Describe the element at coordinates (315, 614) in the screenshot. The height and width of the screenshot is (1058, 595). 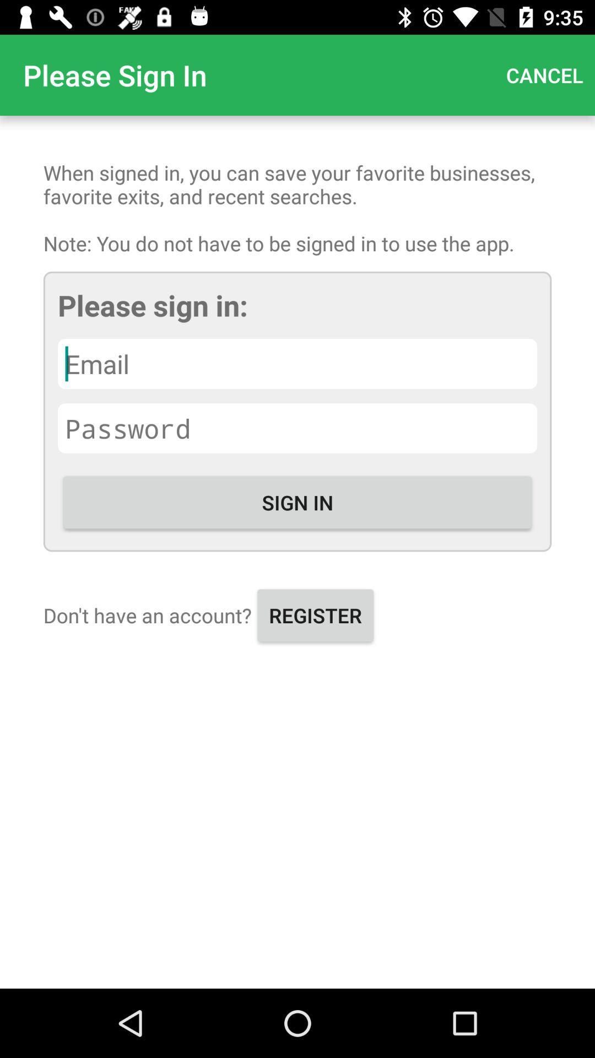
I see `register icon` at that location.